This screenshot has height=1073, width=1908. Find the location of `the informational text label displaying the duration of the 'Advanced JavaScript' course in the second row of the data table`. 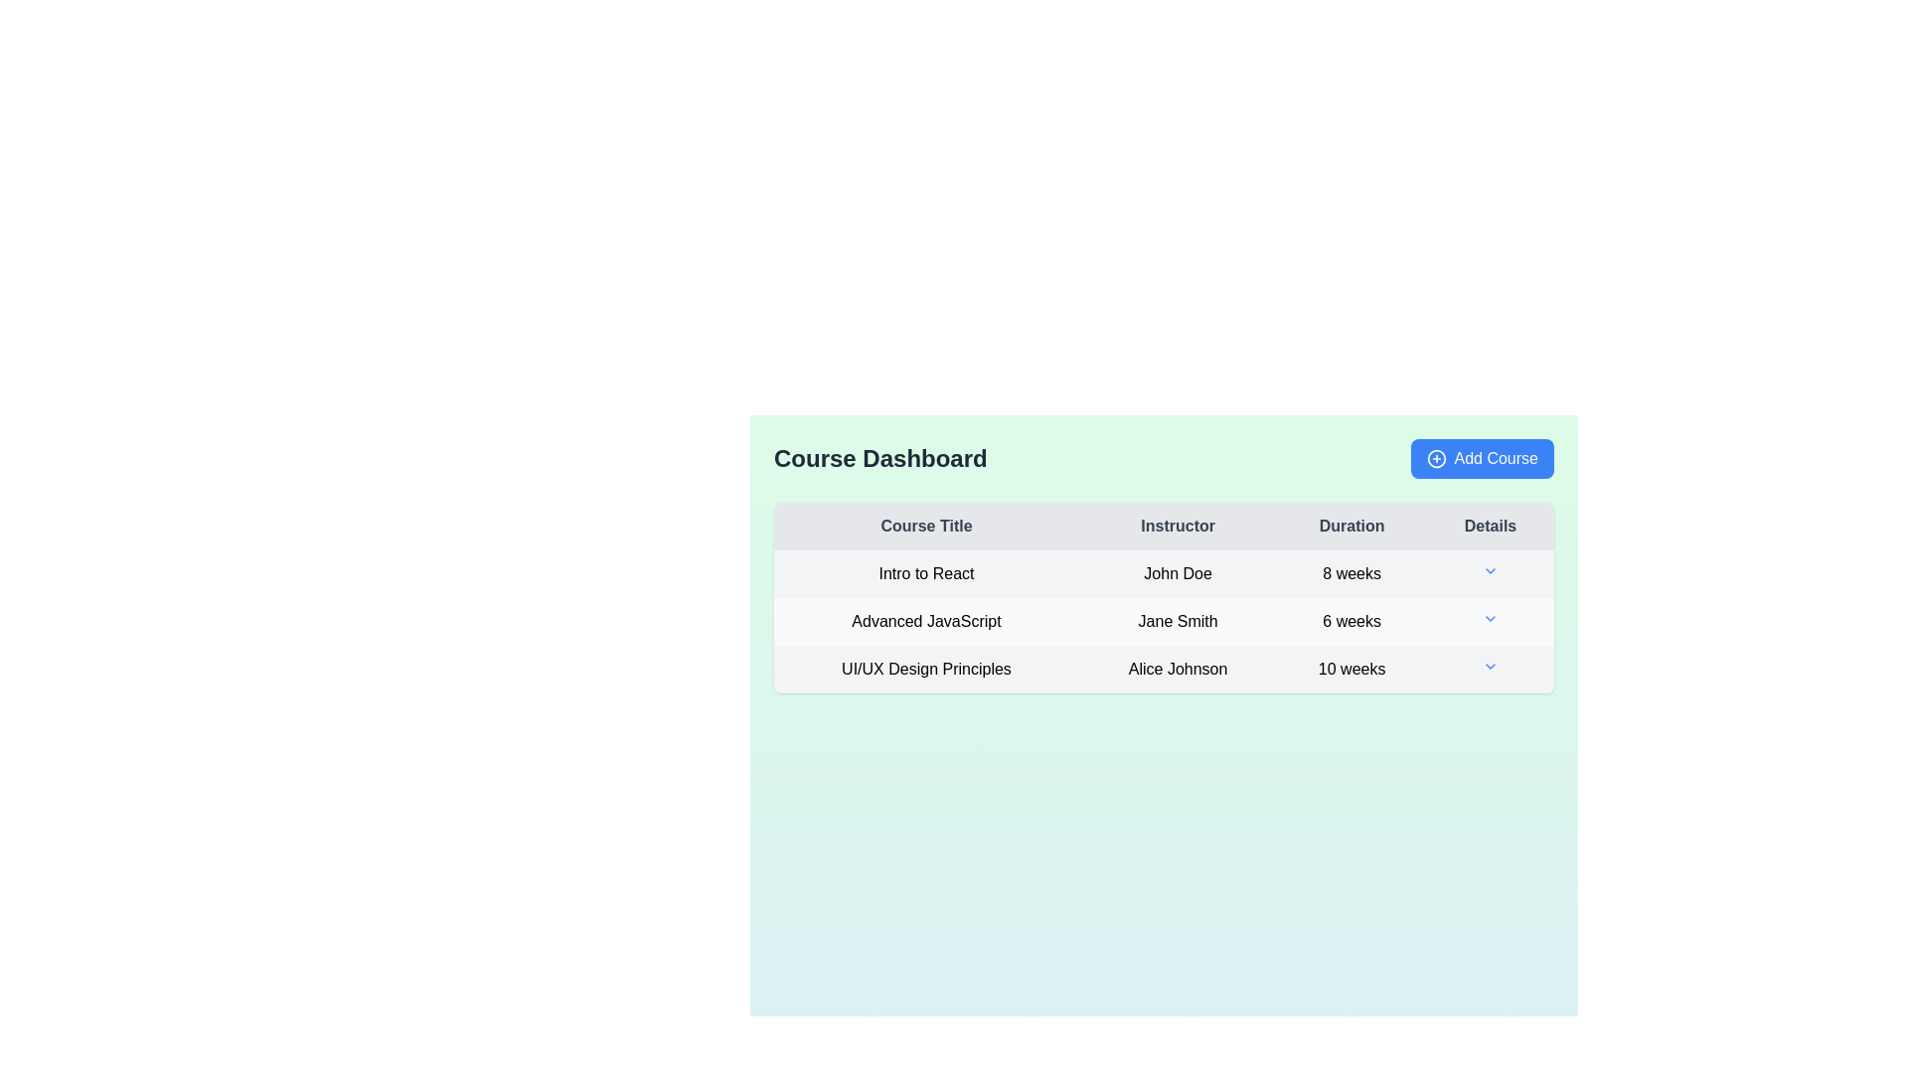

the informational text label displaying the duration of the 'Advanced JavaScript' course in the second row of the data table is located at coordinates (1351, 620).